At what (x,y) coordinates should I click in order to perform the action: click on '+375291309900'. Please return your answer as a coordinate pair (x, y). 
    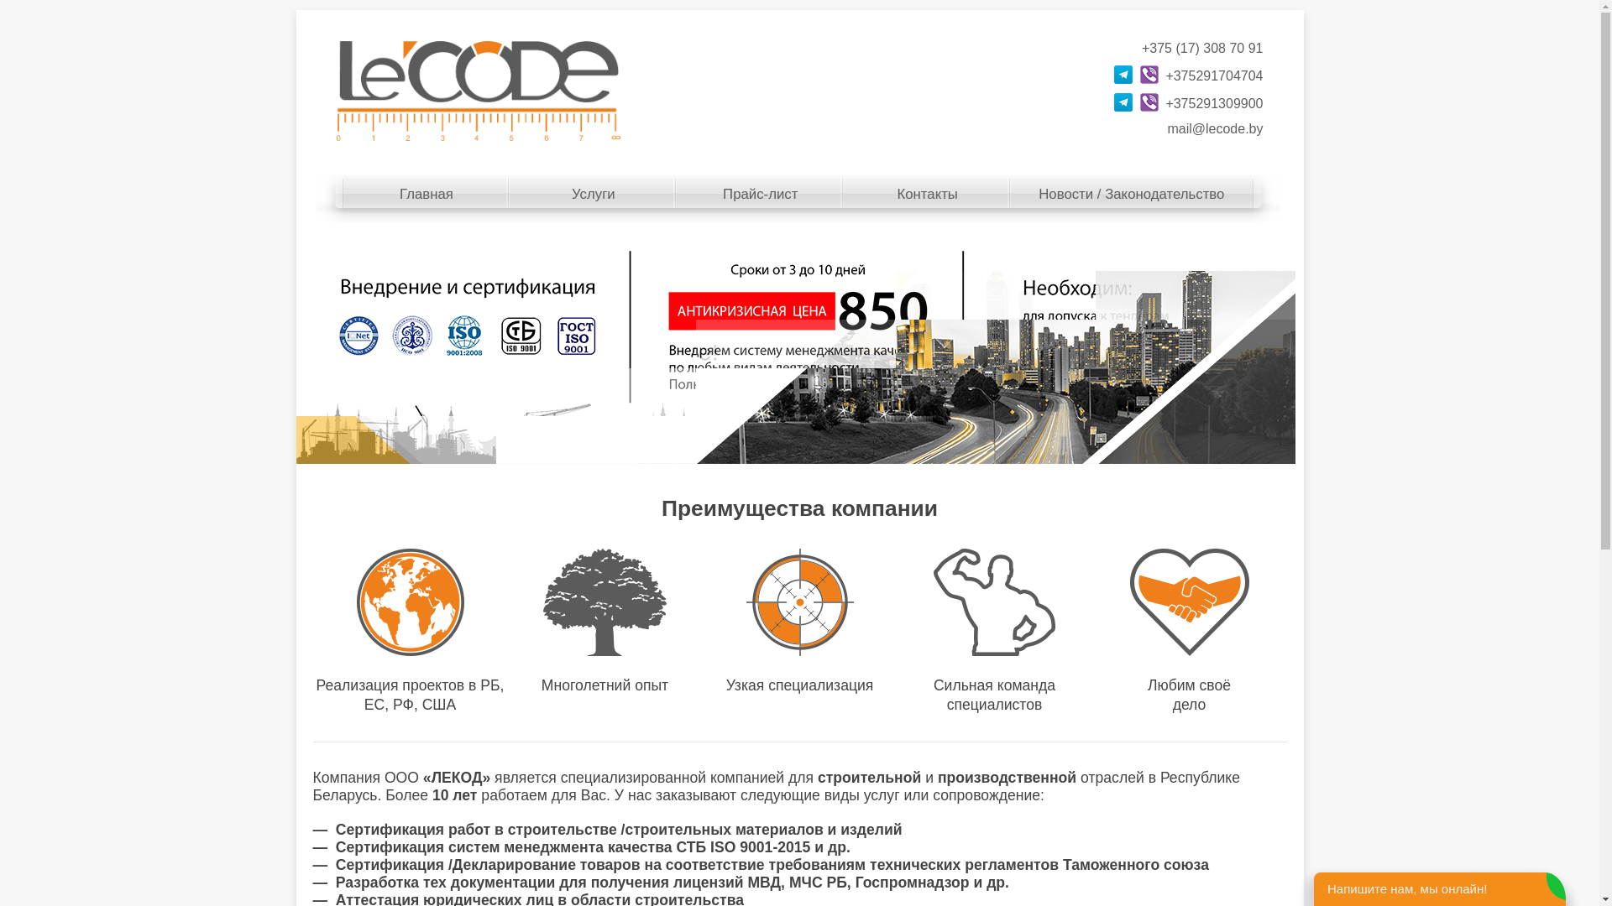
    Looking at the image, I should click on (1164, 103).